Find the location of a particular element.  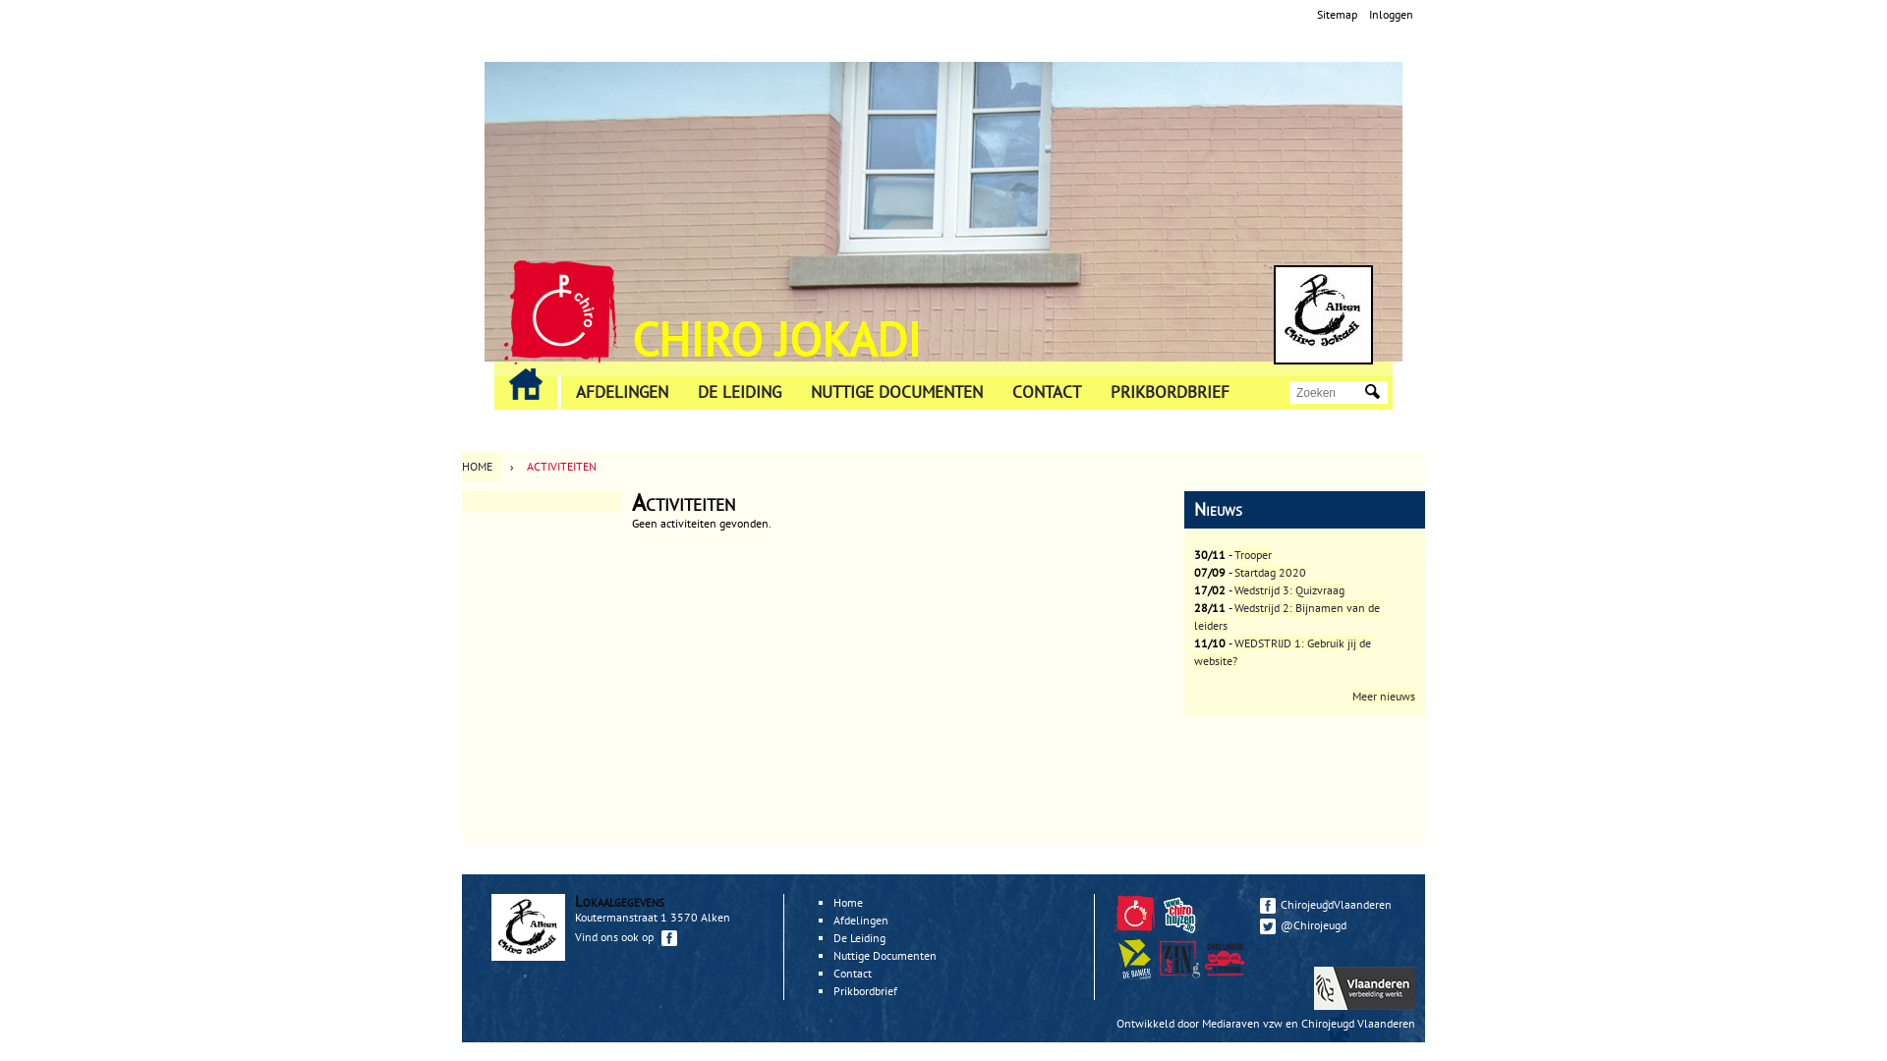

'PRIKBORDBRIEF' is located at coordinates (1170, 393).